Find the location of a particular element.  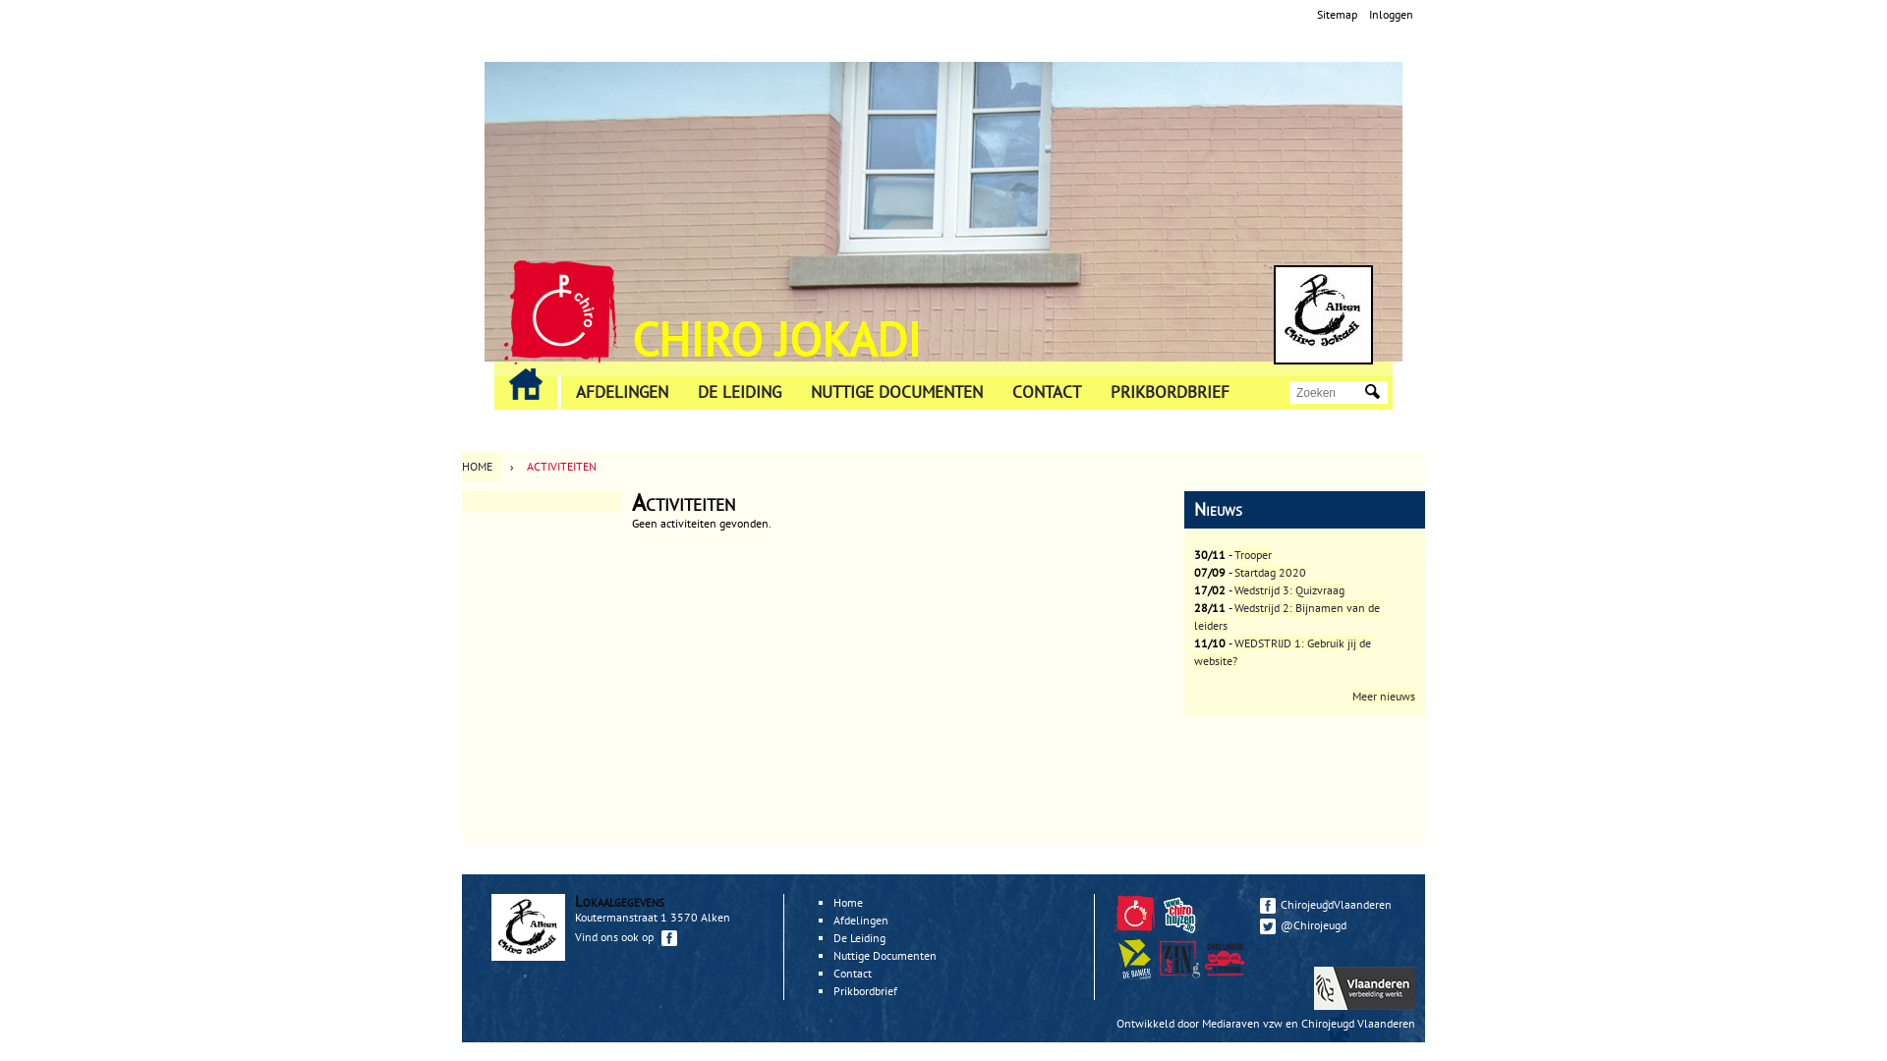

'PRIKBORDBRIEF' is located at coordinates (1170, 393).